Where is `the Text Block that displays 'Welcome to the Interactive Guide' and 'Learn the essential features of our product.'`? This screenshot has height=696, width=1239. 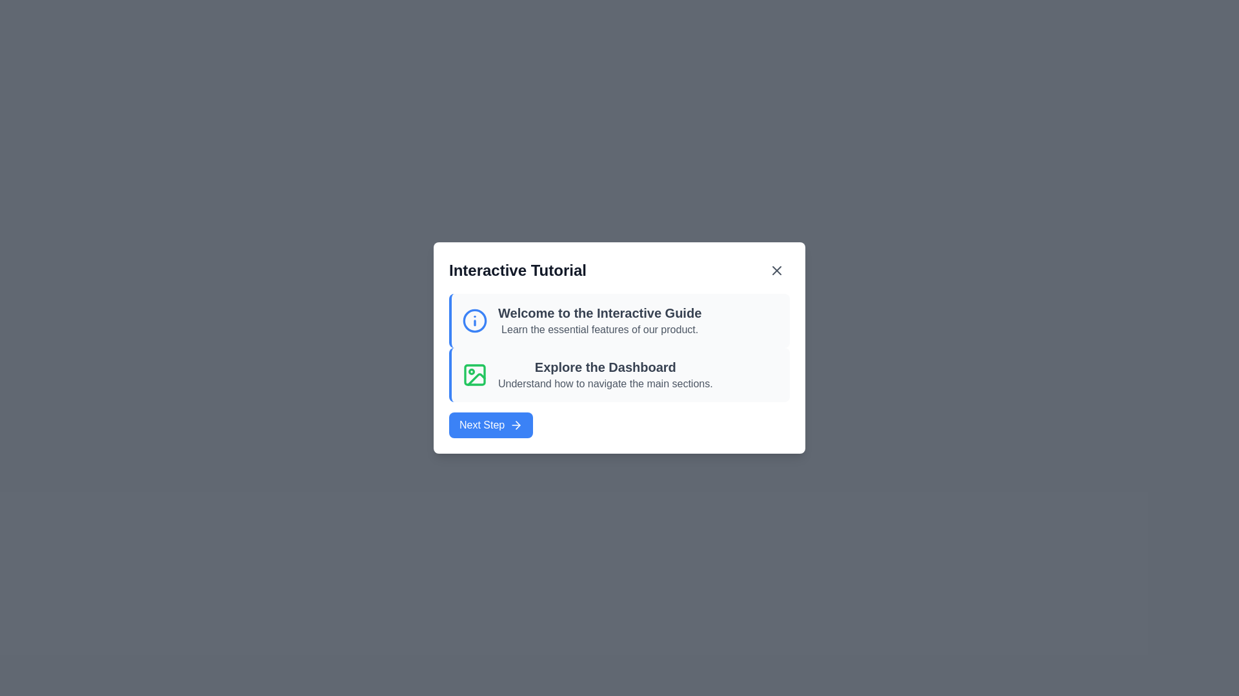
the Text Block that displays 'Welcome to the Interactive Guide' and 'Learn the essential features of our product.' is located at coordinates (599, 320).